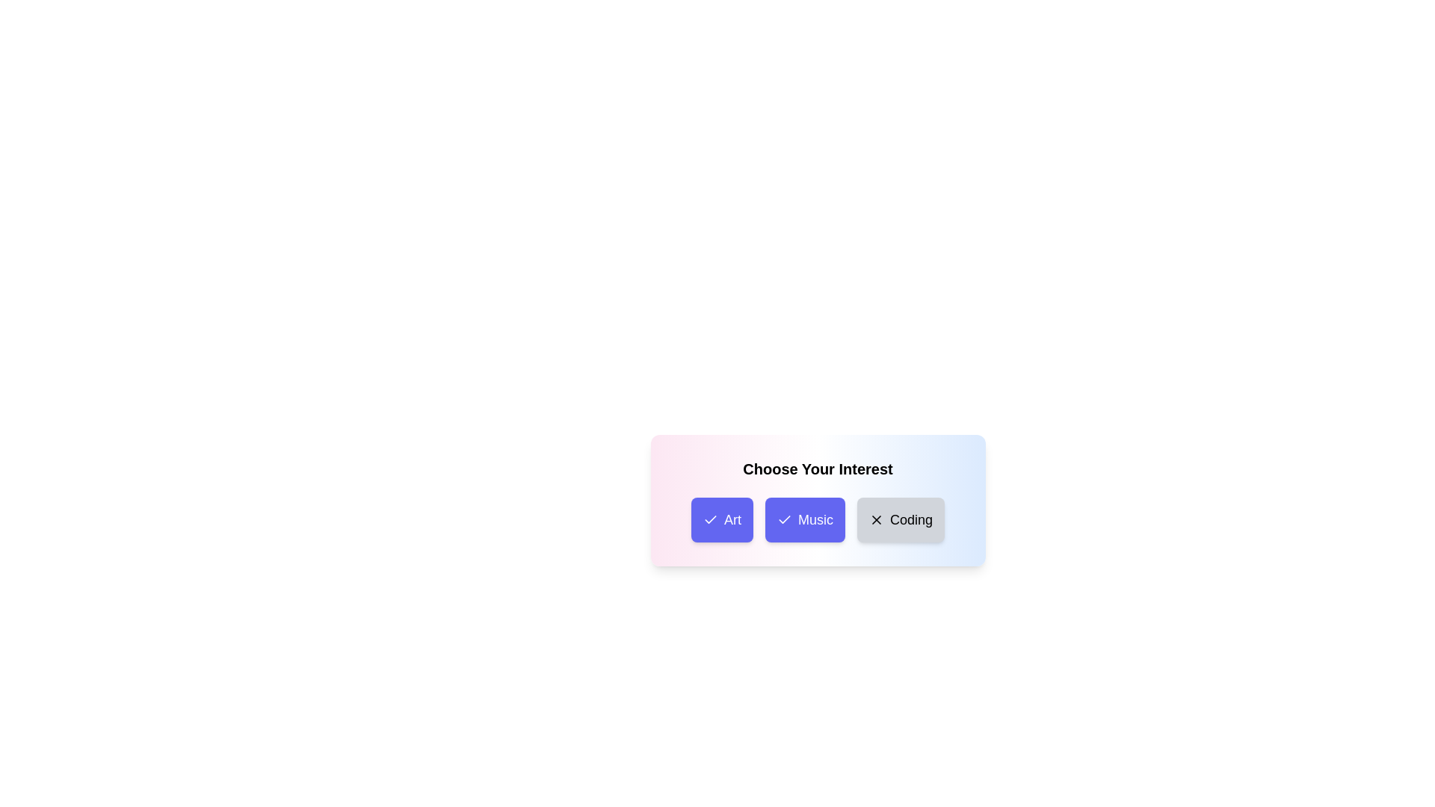 This screenshot has height=807, width=1435. I want to click on the category button labeled Music to observe the hover effect, so click(803, 519).